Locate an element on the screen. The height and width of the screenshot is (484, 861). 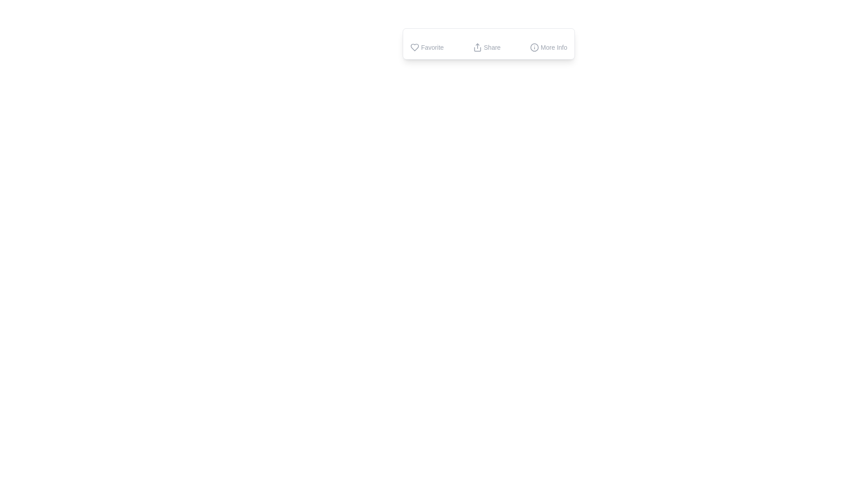
the heart-shaped icon, which is outlined with a thin gray stroke and located to the left of the 'Favorite' label is located at coordinates (414, 47).